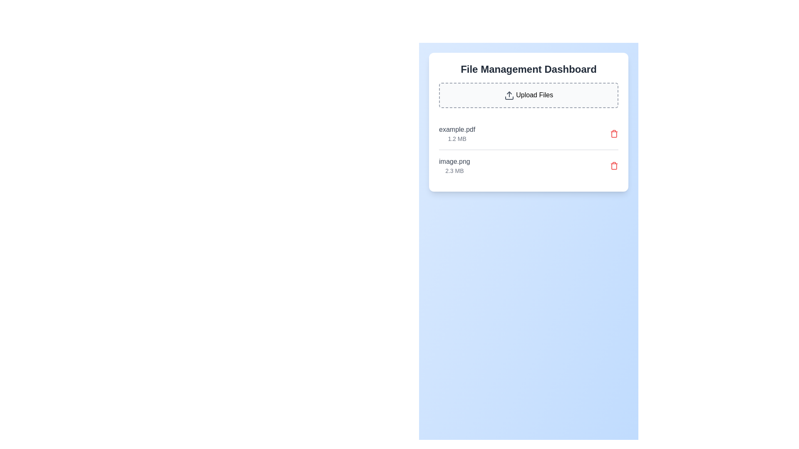 Image resolution: width=799 pixels, height=449 pixels. What do you see at coordinates (528, 95) in the screenshot?
I see `the button located below the 'File Management Dashboard' heading` at bounding box center [528, 95].